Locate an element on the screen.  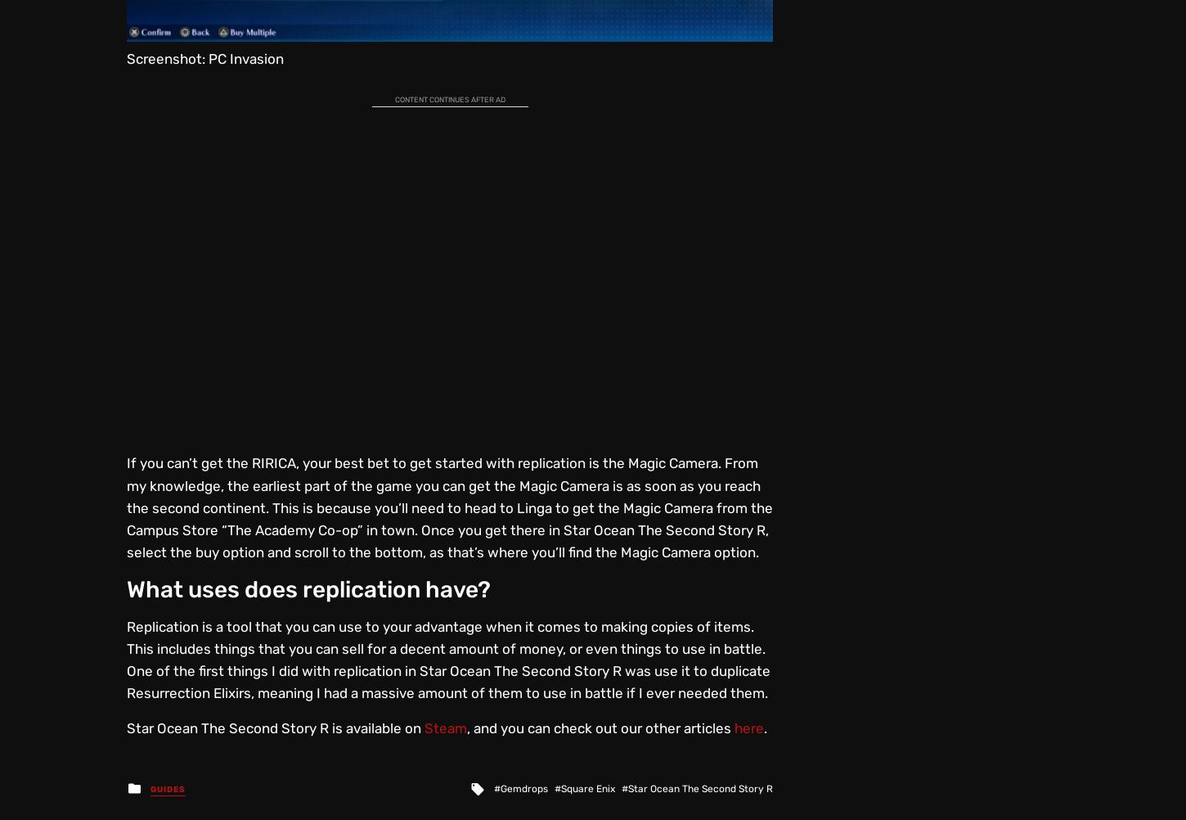
'Guides' is located at coordinates (150, 789).